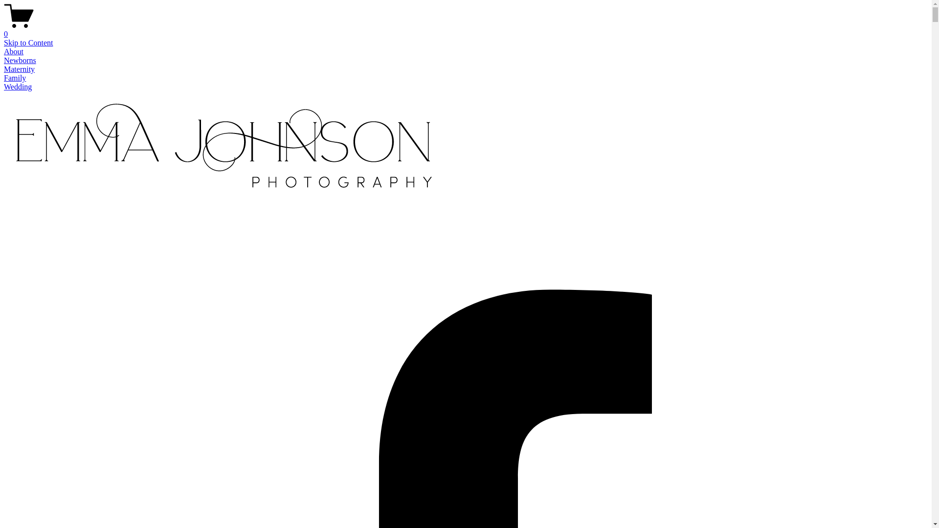 Image resolution: width=939 pixels, height=528 pixels. Describe the element at coordinates (15, 77) in the screenshot. I see `'Family'` at that location.